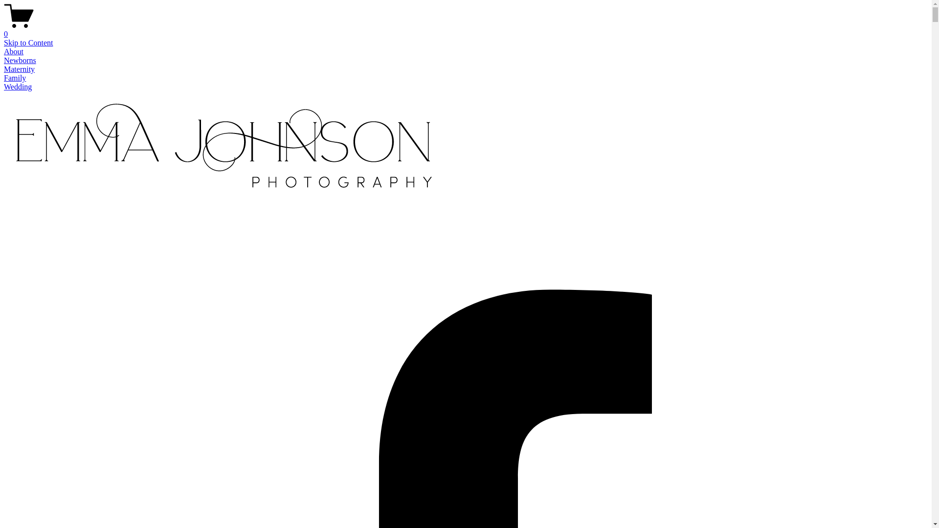 Image resolution: width=939 pixels, height=528 pixels. Describe the element at coordinates (15, 77) in the screenshot. I see `'Family'` at that location.